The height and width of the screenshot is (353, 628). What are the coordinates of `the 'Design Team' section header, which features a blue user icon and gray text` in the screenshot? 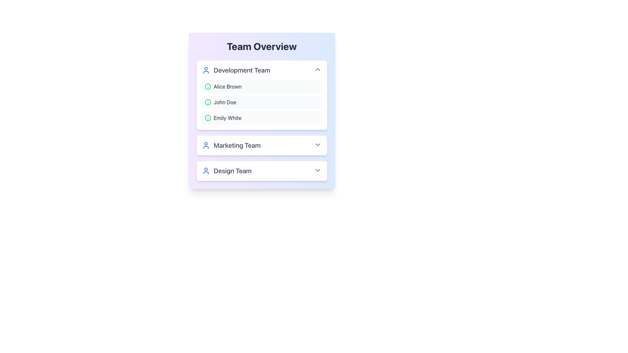 It's located at (227, 171).